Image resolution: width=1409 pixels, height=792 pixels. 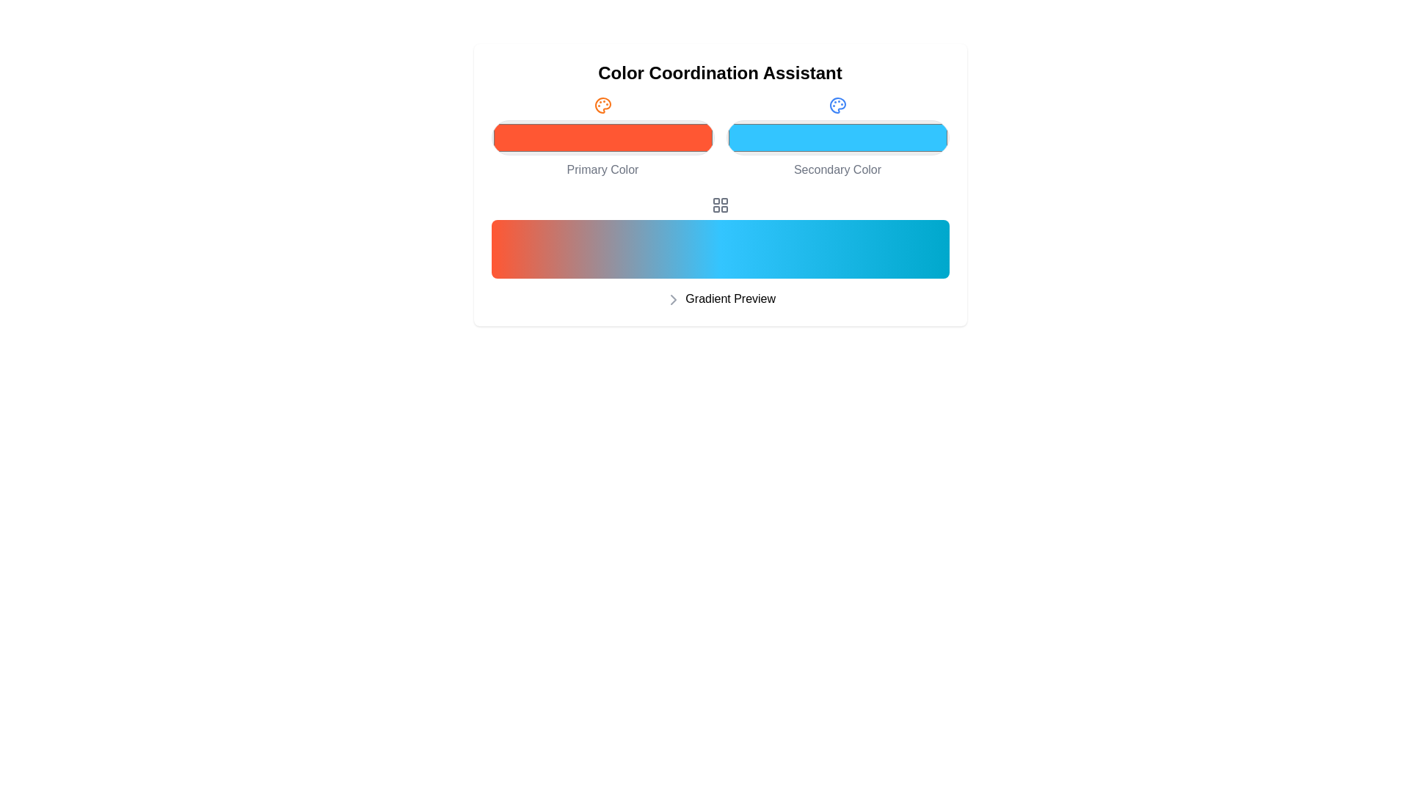 I want to click on the Display preview area which shows the gradient generated based on selected primary and secondary colors, located centrally in the lower region of the 'Color Coordination Assistant' section, so click(x=720, y=252).